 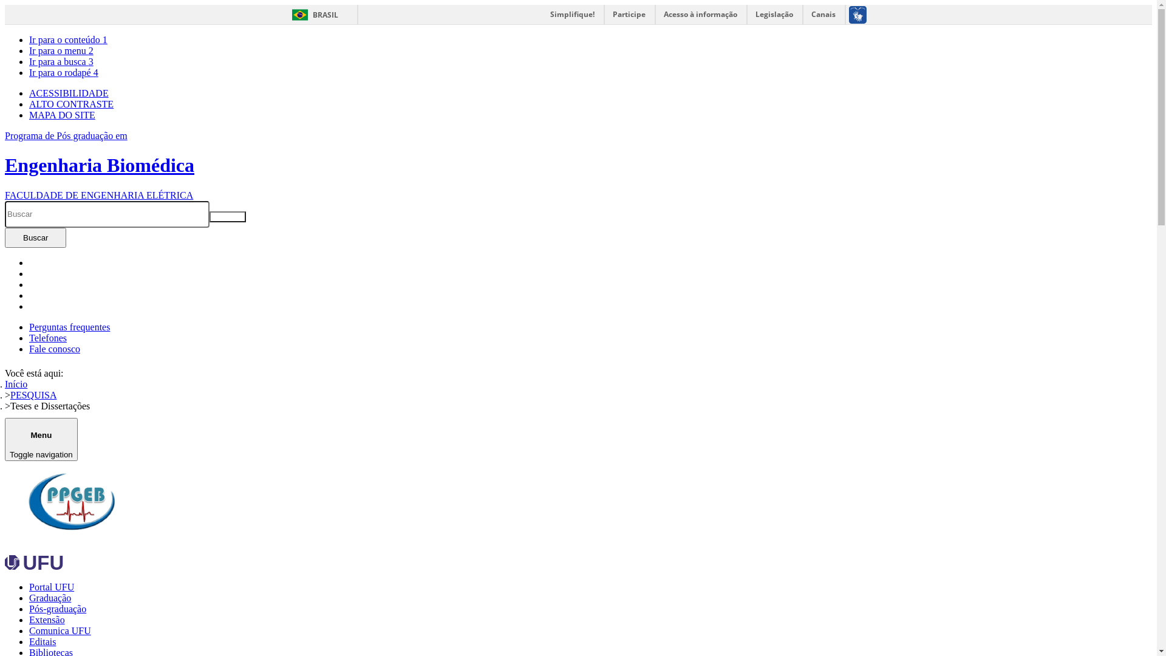 What do you see at coordinates (29, 61) in the screenshot?
I see `'Ir para a busca 3'` at bounding box center [29, 61].